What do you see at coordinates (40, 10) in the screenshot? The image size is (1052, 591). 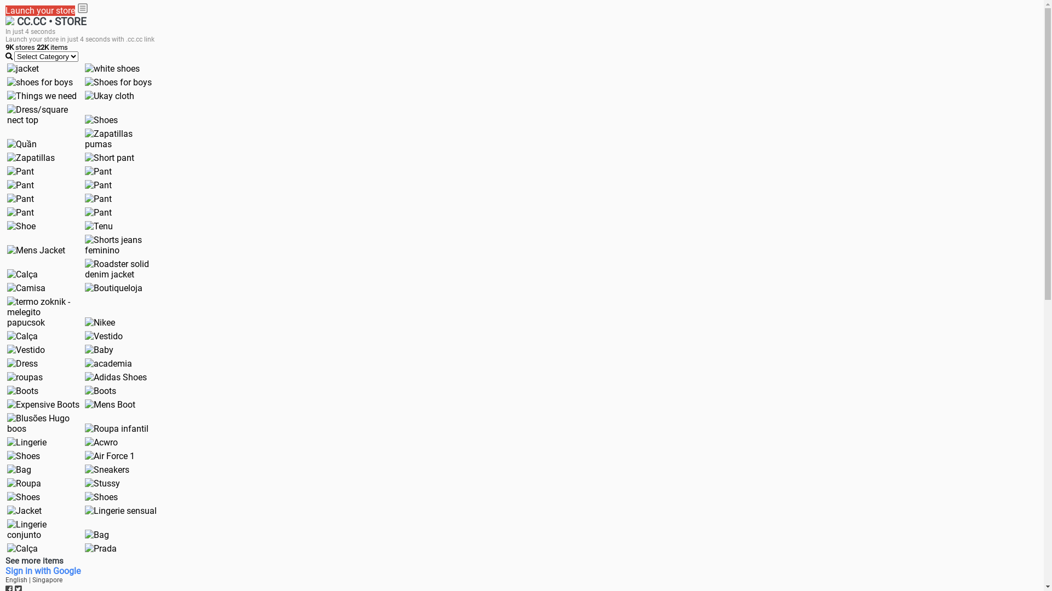 I see `'Launch your store'` at bounding box center [40, 10].